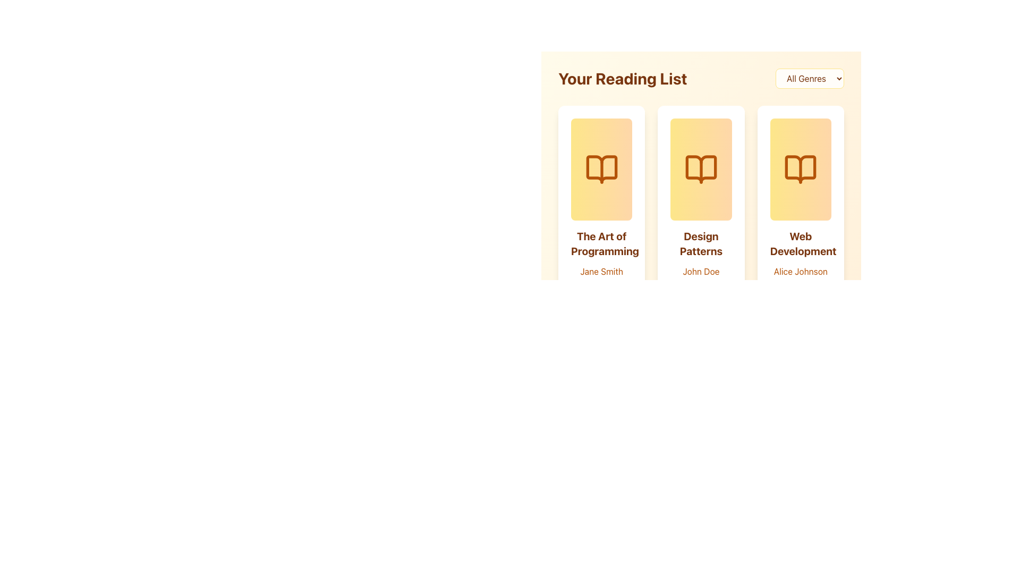 Image resolution: width=1020 pixels, height=574 pixels. Describe the element at coordinates (801, 233) in the screenshot. I see `the third card component in the grid, titled 'Web Development'` at that location.